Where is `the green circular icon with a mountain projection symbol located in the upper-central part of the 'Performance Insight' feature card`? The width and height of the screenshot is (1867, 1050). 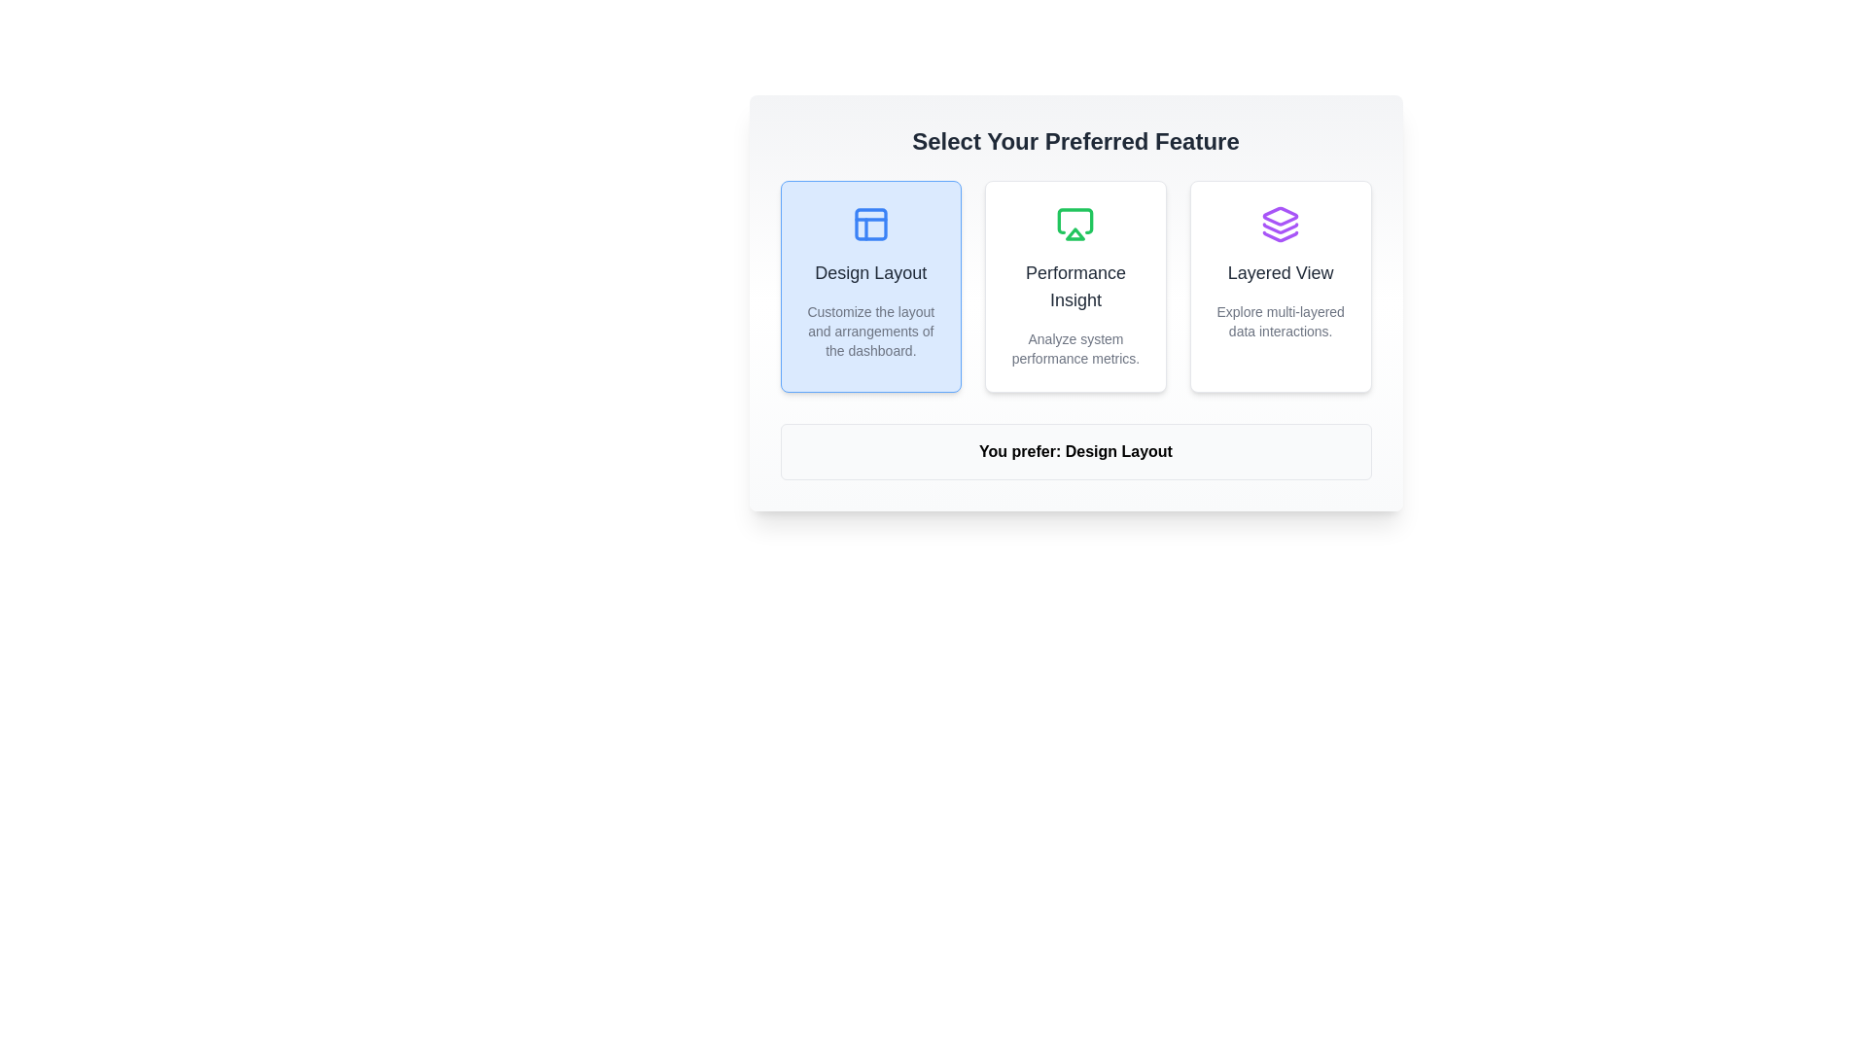 the green circular icon with a mountain projection symbol located in the upper-central part of the 'Performance Insight' feature card is located at coordinates (1074, 224).